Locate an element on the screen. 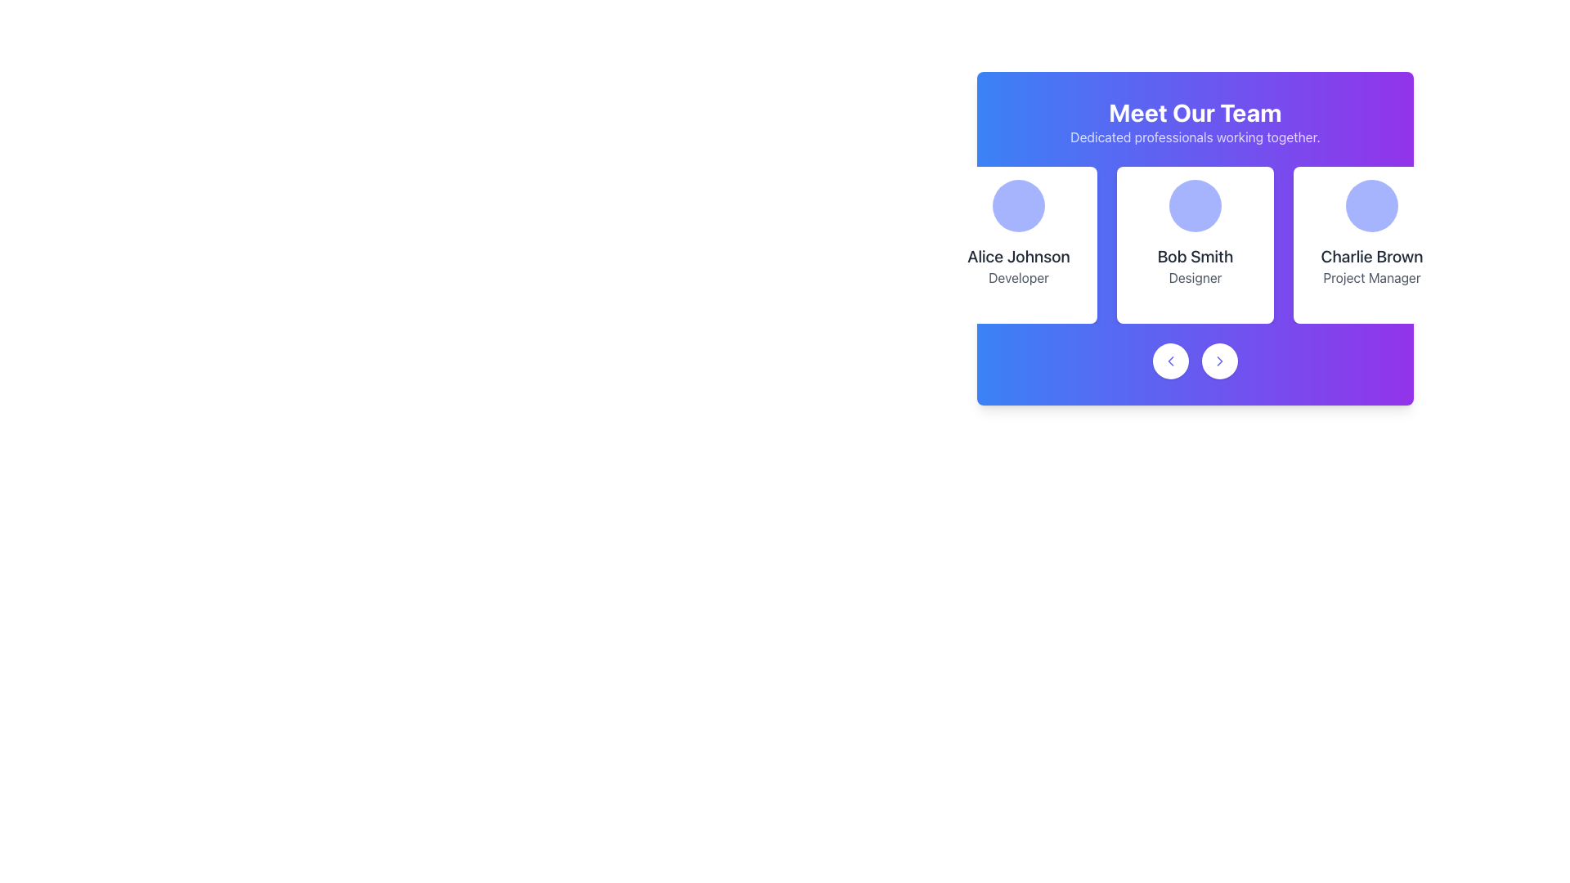  the circular button featuring a right-facing chevron icon by using keyboard navigation is located at coordinates (1220, 361).